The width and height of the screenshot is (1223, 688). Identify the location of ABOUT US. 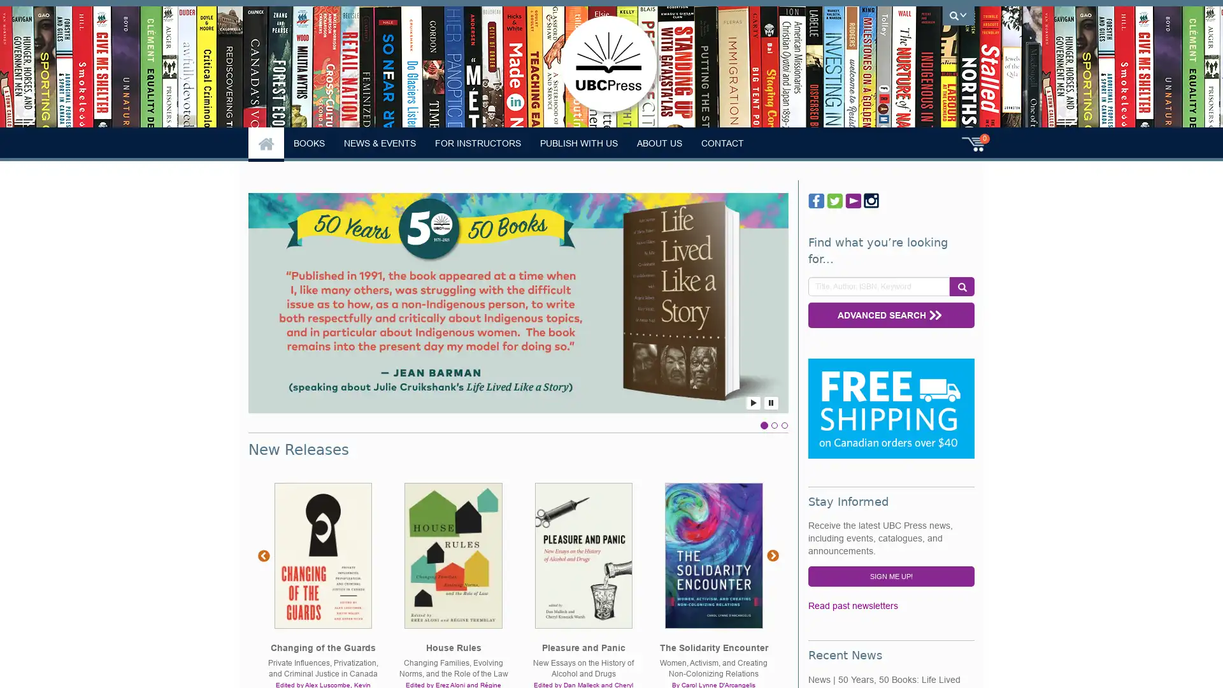
(659, 143).